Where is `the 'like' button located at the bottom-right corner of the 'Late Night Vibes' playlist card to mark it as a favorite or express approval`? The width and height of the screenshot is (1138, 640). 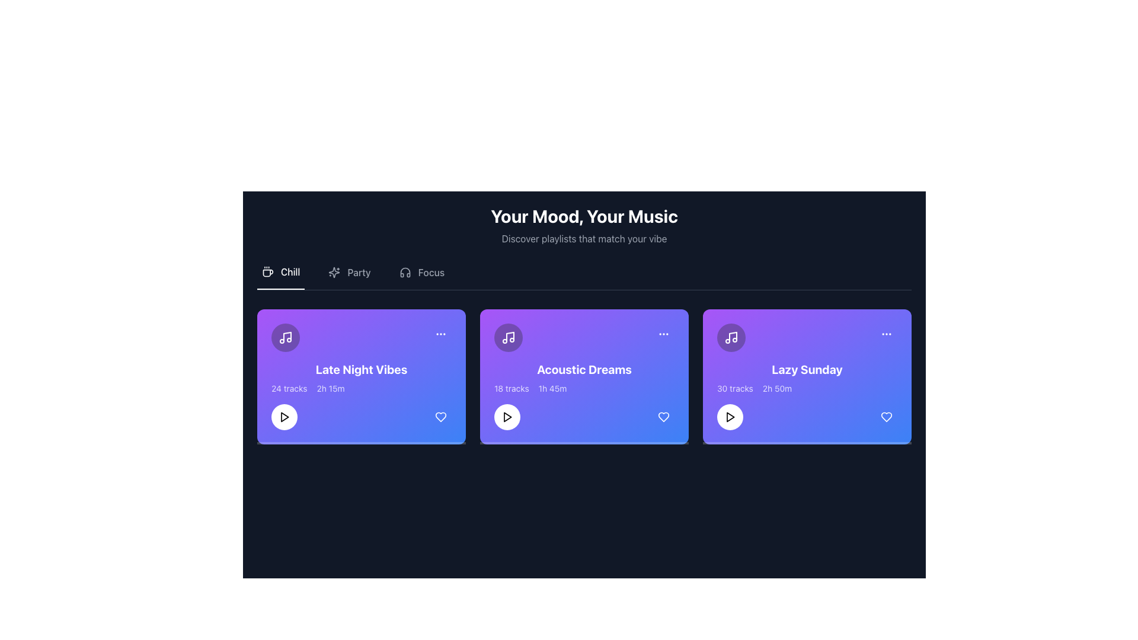
the 'like' button located at the bottom-right corner of the 'Late Night Vibes' playlist card to mark it as a favorite or express approval is located at coordinates (440, 417).